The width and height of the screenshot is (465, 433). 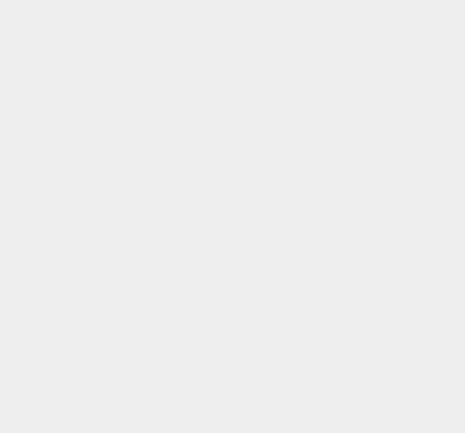 I want to click on 'Crazy Treasure Token (CTT) Explained - Cryptocurrency Collectibles', so click(x=387, y=37).